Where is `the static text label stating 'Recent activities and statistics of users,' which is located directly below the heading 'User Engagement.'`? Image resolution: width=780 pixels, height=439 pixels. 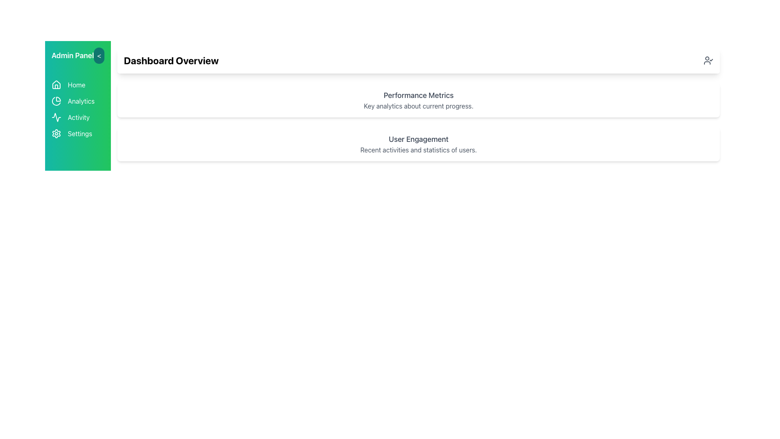
the static text label stating 'Recent activities and statistics of users,' which is located directly below the heading 'User Engagement.' is located at coordinates (418, 150).